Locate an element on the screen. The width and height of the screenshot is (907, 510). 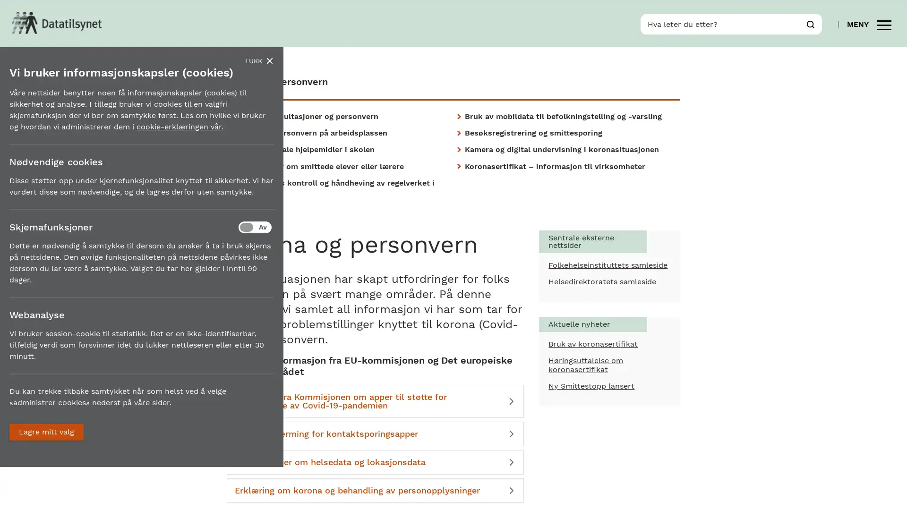
Sk is located at coordinates (810, 23).